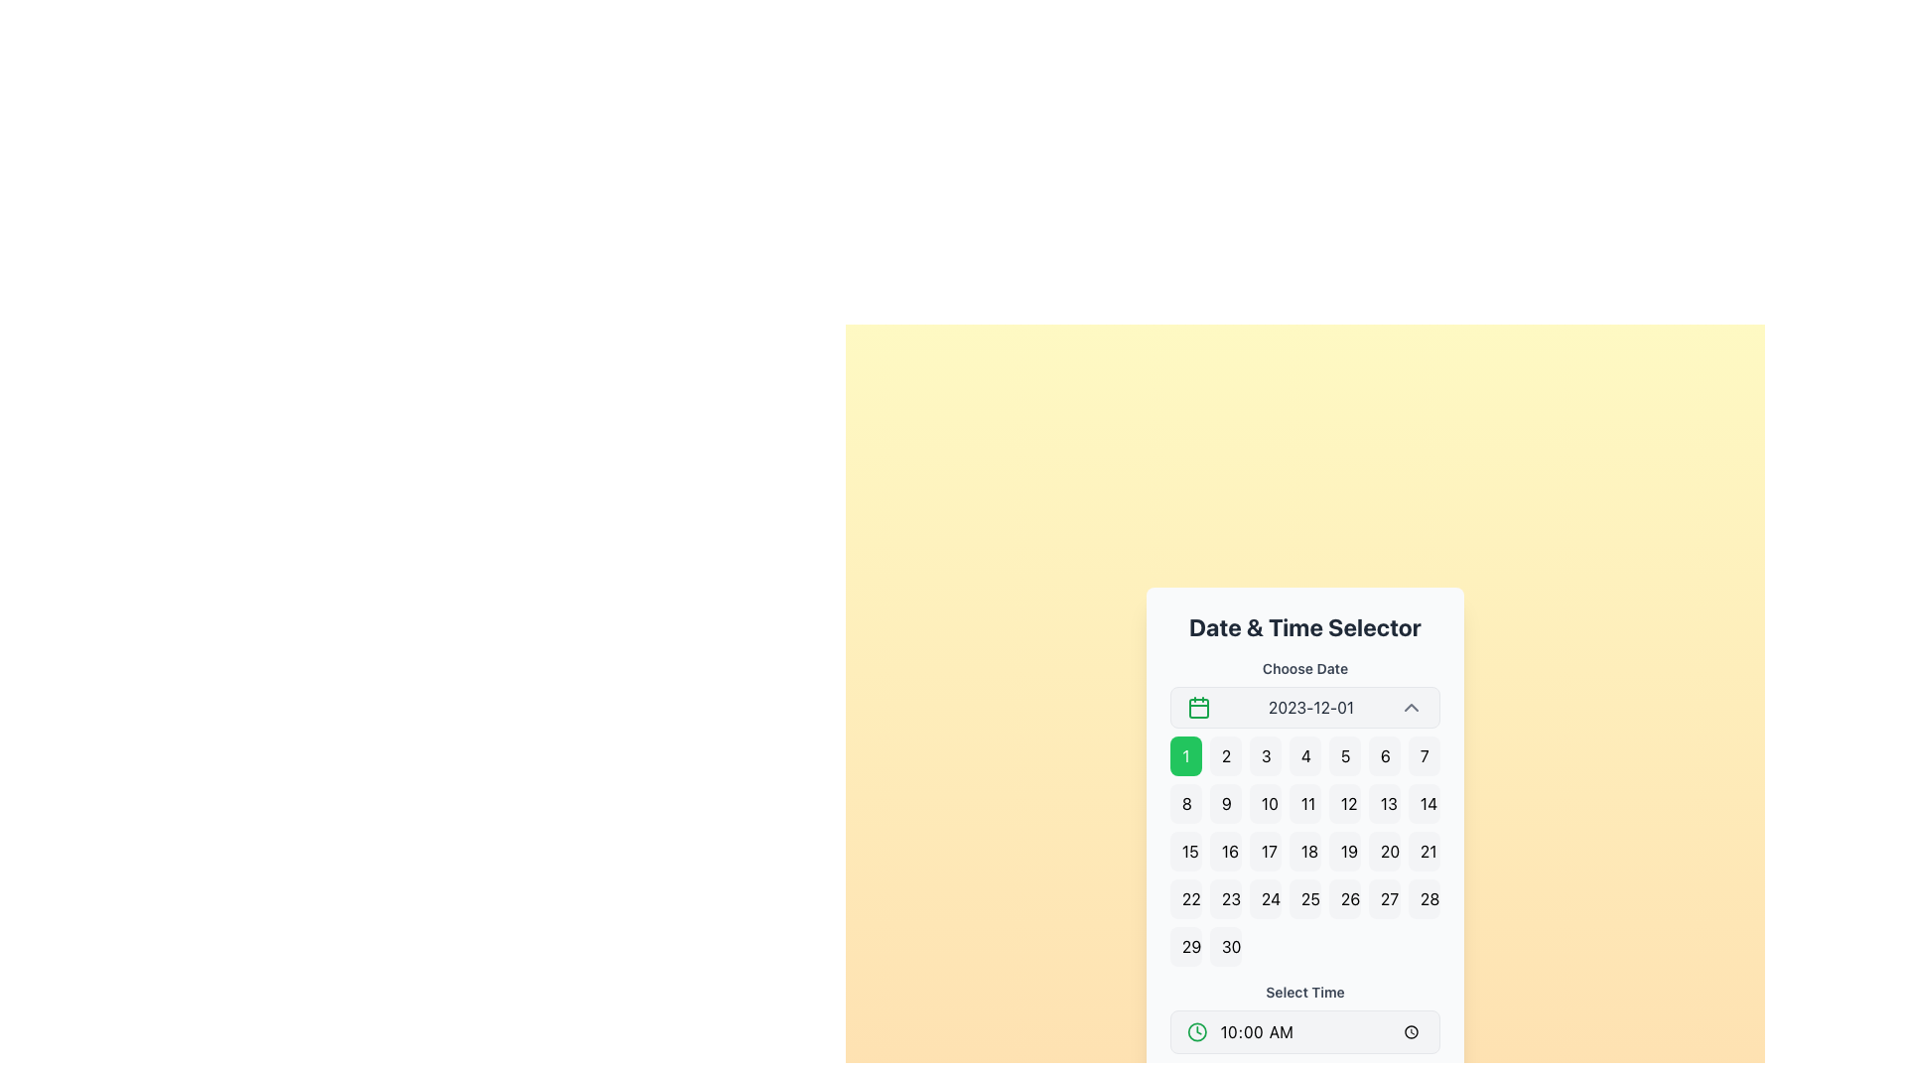 This screenshot has height=1072, width=1906. I want to click on the button labeled '8' in the date selection calendar of the date and time picker interface, so click(1186, 804).